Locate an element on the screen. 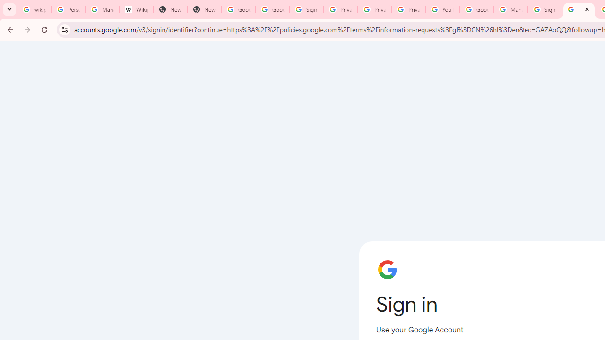 This screenshot has width=605, height=340. 'Personalization & Google Search results - Google Search Help' is located at coordinates (68, 9).